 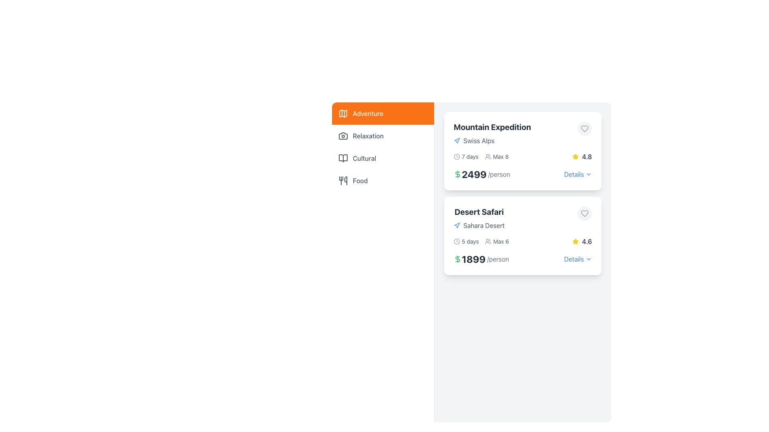 I want to click on the 'Details' text button with a blue style and a downward-pointing arrow, located at the bottom-right of the 'Desert Safari' card, which has a price of '$1899 /person' and a rating of 4.6, so click(x=578, y=259).